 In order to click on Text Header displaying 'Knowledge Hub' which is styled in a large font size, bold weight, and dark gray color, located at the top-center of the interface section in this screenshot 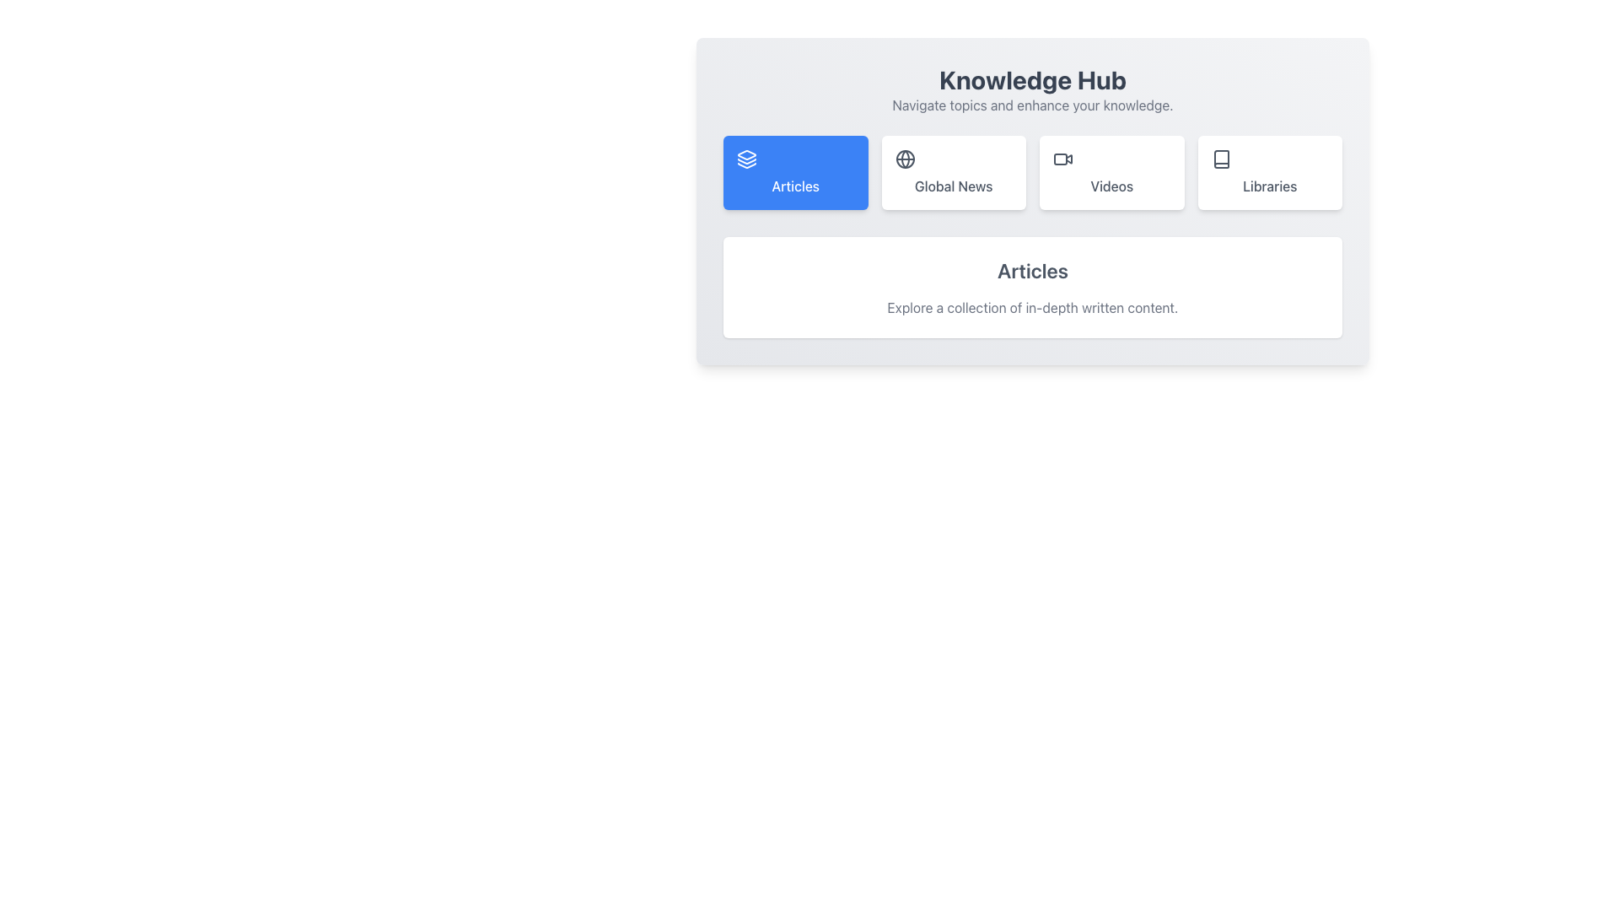, I will do `click(1031, 80)`.